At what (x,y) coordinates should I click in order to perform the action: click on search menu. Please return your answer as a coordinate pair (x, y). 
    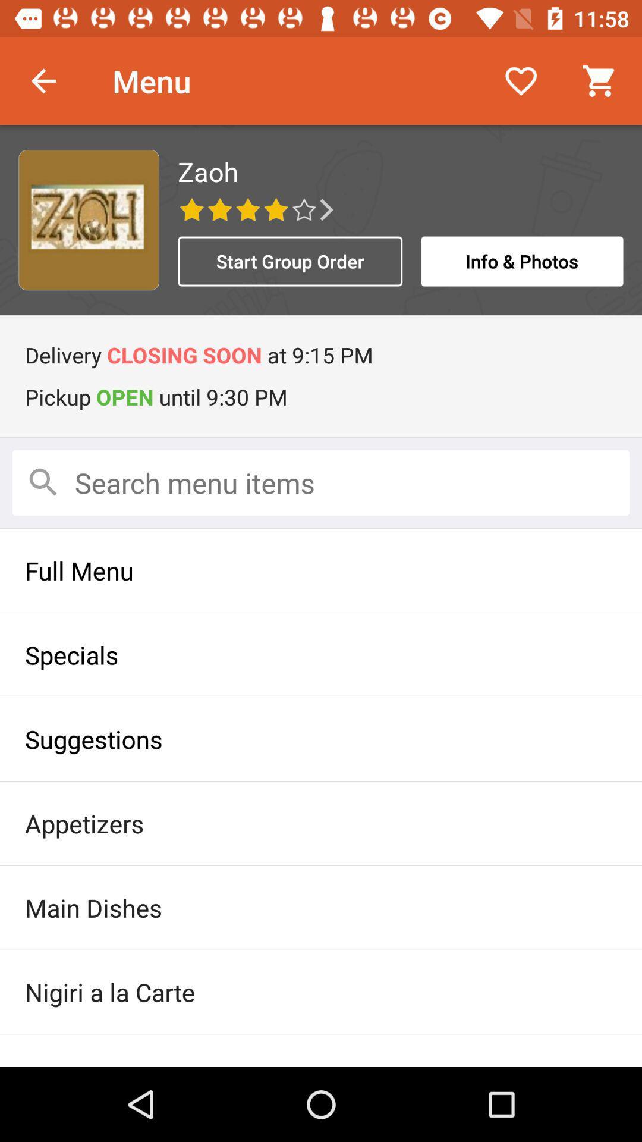
    Looking at the image, I should click on (321, 482).